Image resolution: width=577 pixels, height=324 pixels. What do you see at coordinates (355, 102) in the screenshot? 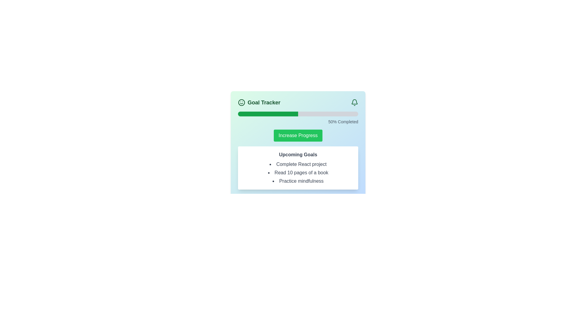
I see `the notification icon in the 'Goal Tracker' title bar` at bounding box center [355, 102].